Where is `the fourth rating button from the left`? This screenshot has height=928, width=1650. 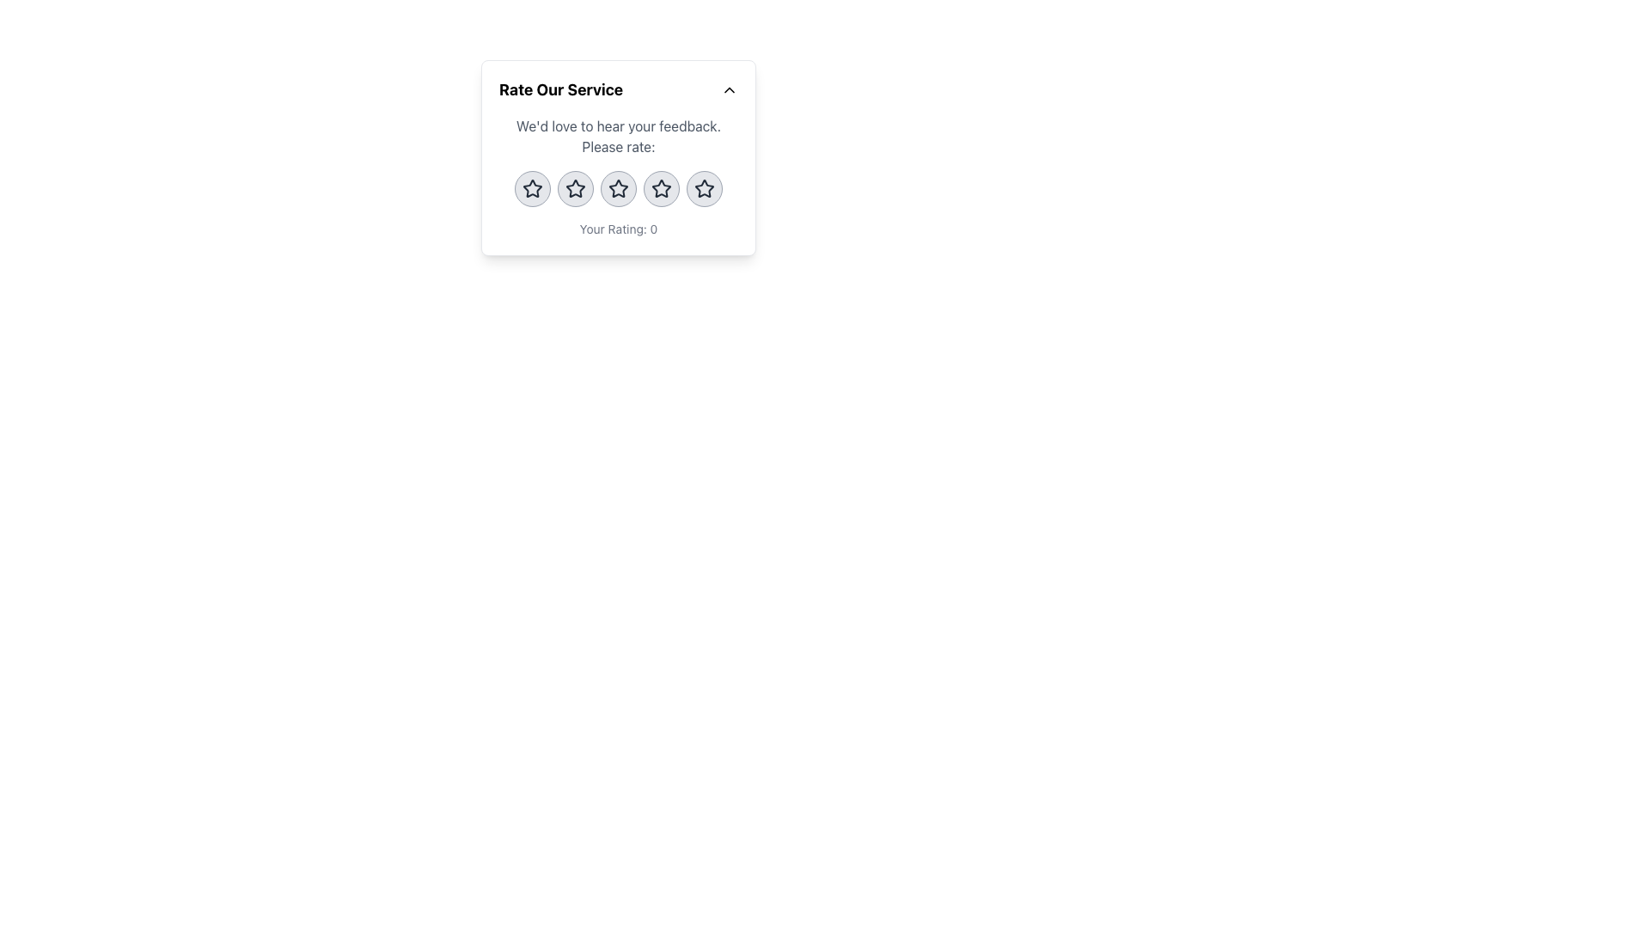
the fourth rating button from the left is located at coordinates (660, 188).